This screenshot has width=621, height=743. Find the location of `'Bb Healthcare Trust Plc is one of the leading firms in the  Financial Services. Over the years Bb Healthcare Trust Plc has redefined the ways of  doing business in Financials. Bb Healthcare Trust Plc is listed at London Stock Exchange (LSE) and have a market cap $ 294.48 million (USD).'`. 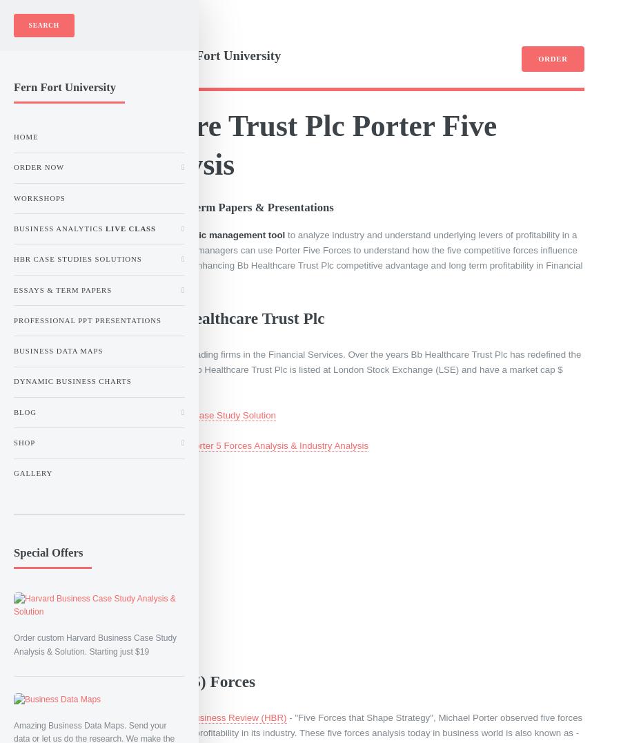

'Bb Healthcare Trust Plc is one of the leading firms in the  Financial Services. Over the years Bb Healthcare Trust Plc has redefined the ways of  doing business in Financials. Bb Healthcare Trust Plc is listed at London Stock Exchange (LSE) and have a market cap $ 294.48 million (USD).' is located at coordinates (36, 369).